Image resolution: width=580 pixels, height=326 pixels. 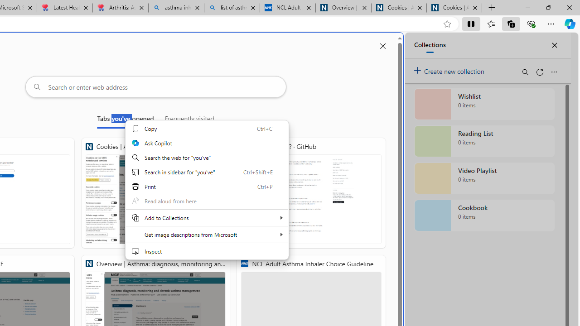 What do you see at coordinates (206, 157) in the screenshot?
I see `'Search the web for "you'` at bounding box center [206, 157].